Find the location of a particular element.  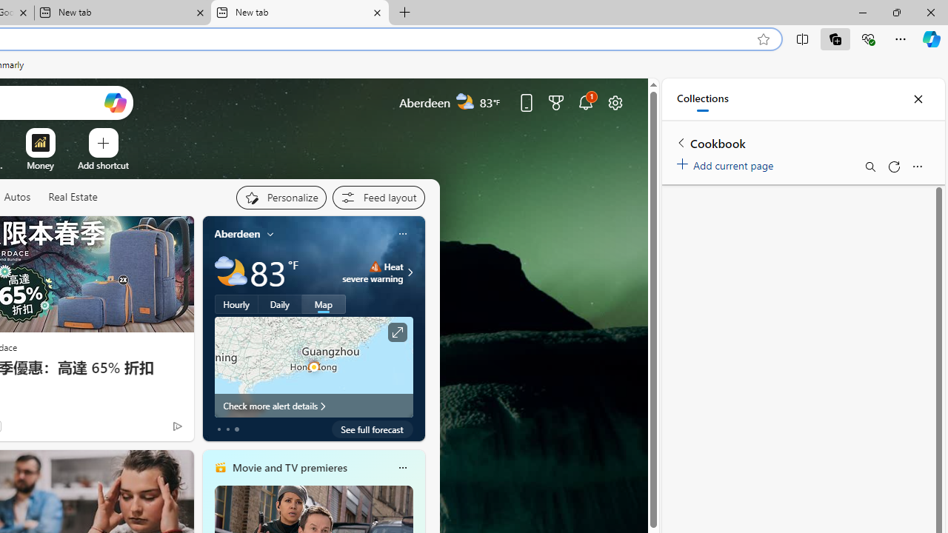

'Check more alert details' is located at coordinates (313, 405).